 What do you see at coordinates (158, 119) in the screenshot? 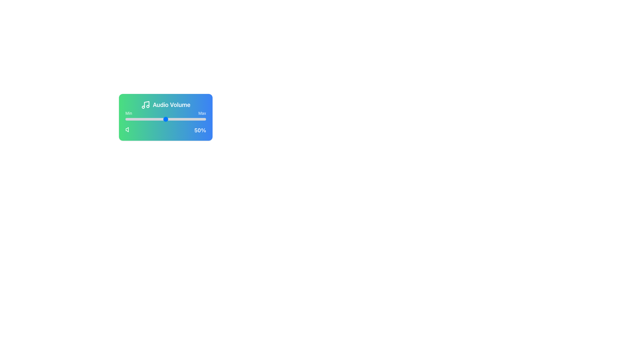
I see `the audio volume slider` at bounding box center [158, 119].